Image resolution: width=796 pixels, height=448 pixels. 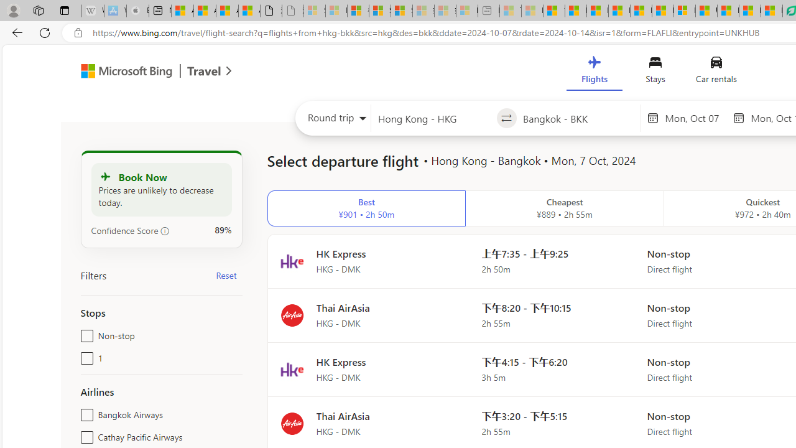 I want to click on 'Aberdeen, Hong Kong SAR weather forecast | Microsoft Weather', so click(x=205, y=11).